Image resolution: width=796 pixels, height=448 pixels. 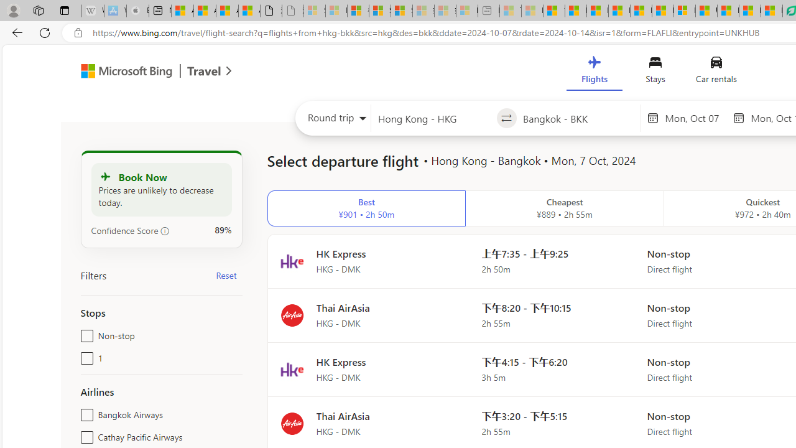 I want to click on 'Aberdeen, Hong Kong SAR weather forecast | Microsoft Weather', so click(x=205, y=11).